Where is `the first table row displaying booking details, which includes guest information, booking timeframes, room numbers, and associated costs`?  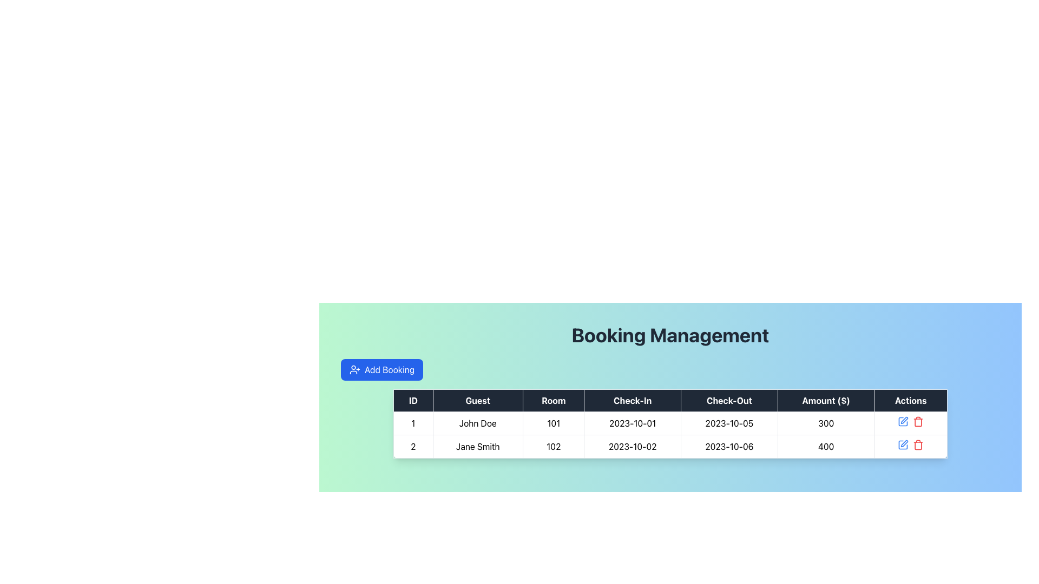 the first table row displaying booking details, which includes guest information, booking timeframes, room numbers, and associated costs is located at coordinates (669, 434).